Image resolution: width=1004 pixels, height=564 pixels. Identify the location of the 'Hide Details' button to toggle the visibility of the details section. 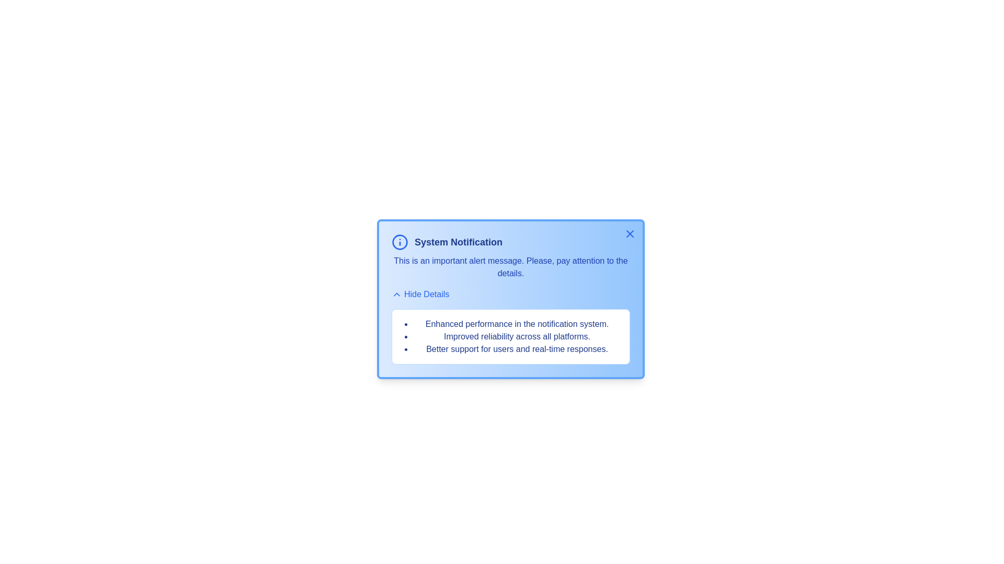
(420, 294).